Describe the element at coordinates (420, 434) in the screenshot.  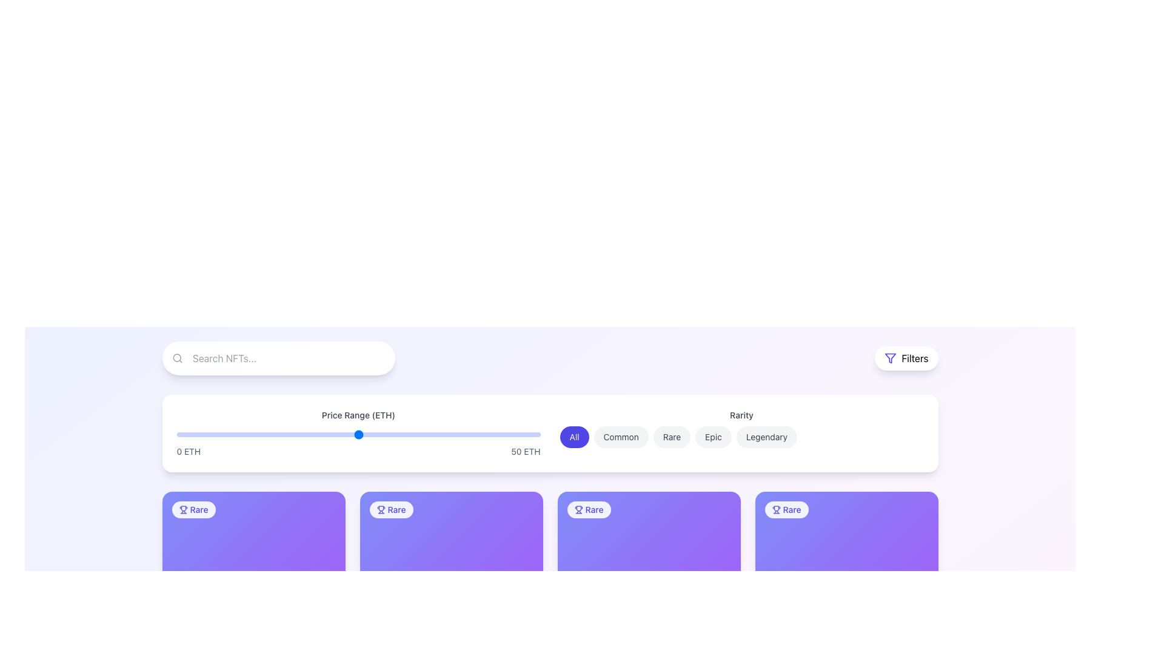
I see `the slider value` at that location.